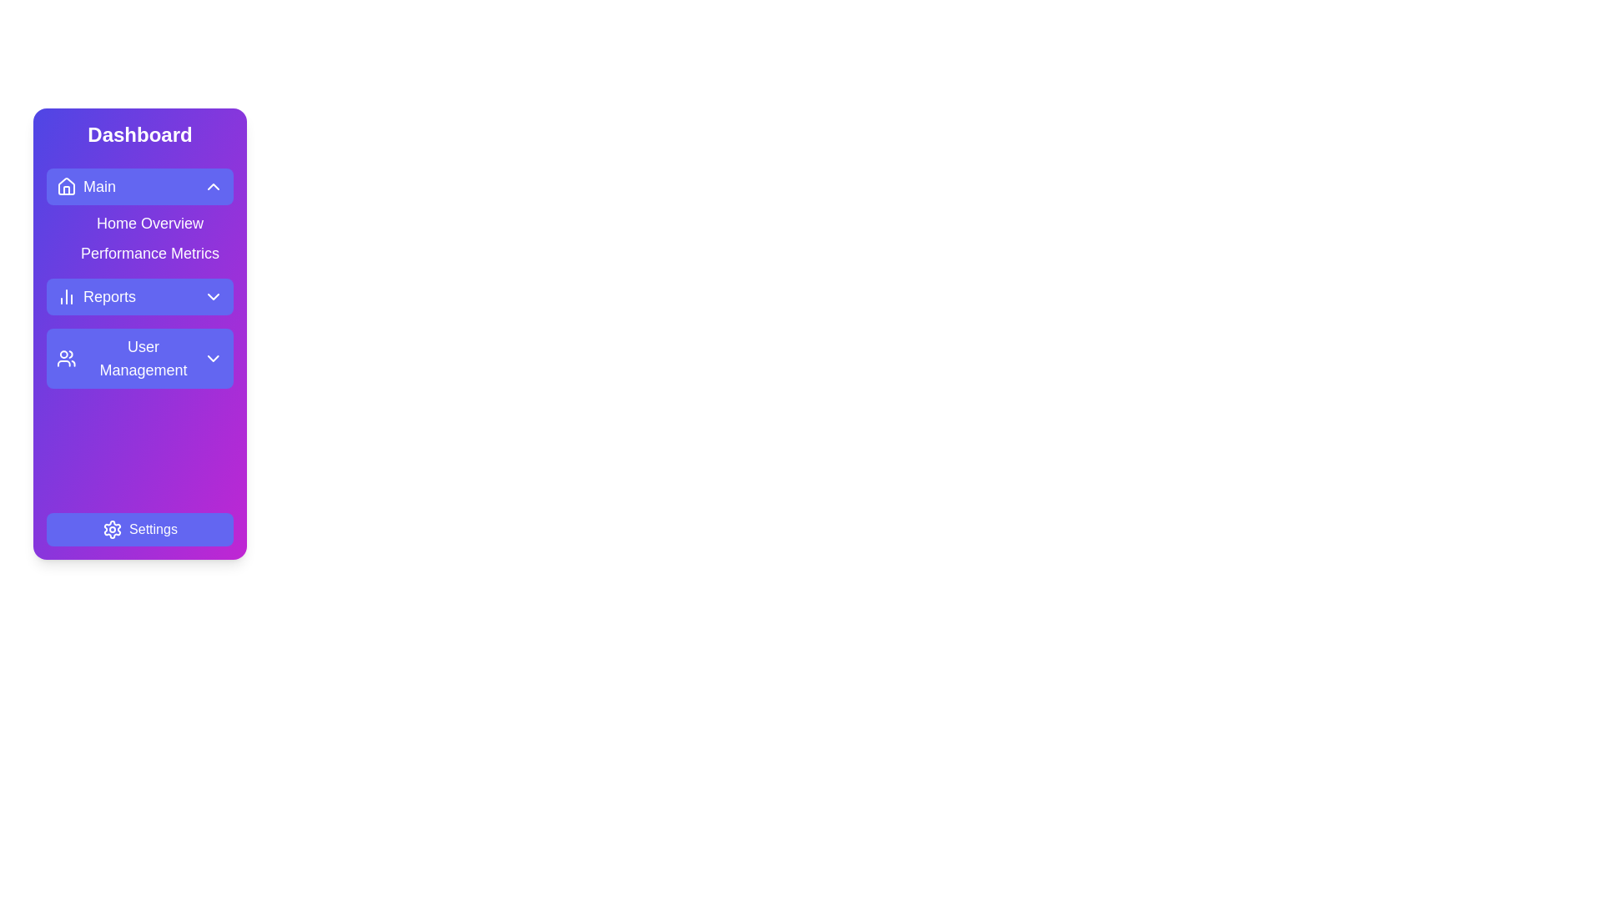 The width and height of the screenshot is (1602, 901). What do you see at coordinates (150, 254) in the screenshot?
I see `the Navigation link that represents the 'Performance Metrics' section, located directly below 'Home Overview' in the Main menu` at bounding box center [150, 254].